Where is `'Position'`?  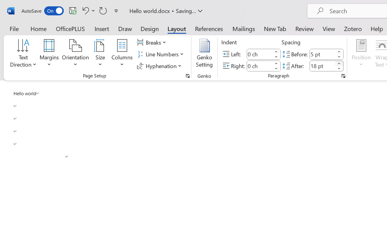
'Position' is located at coordinates (361, 54).